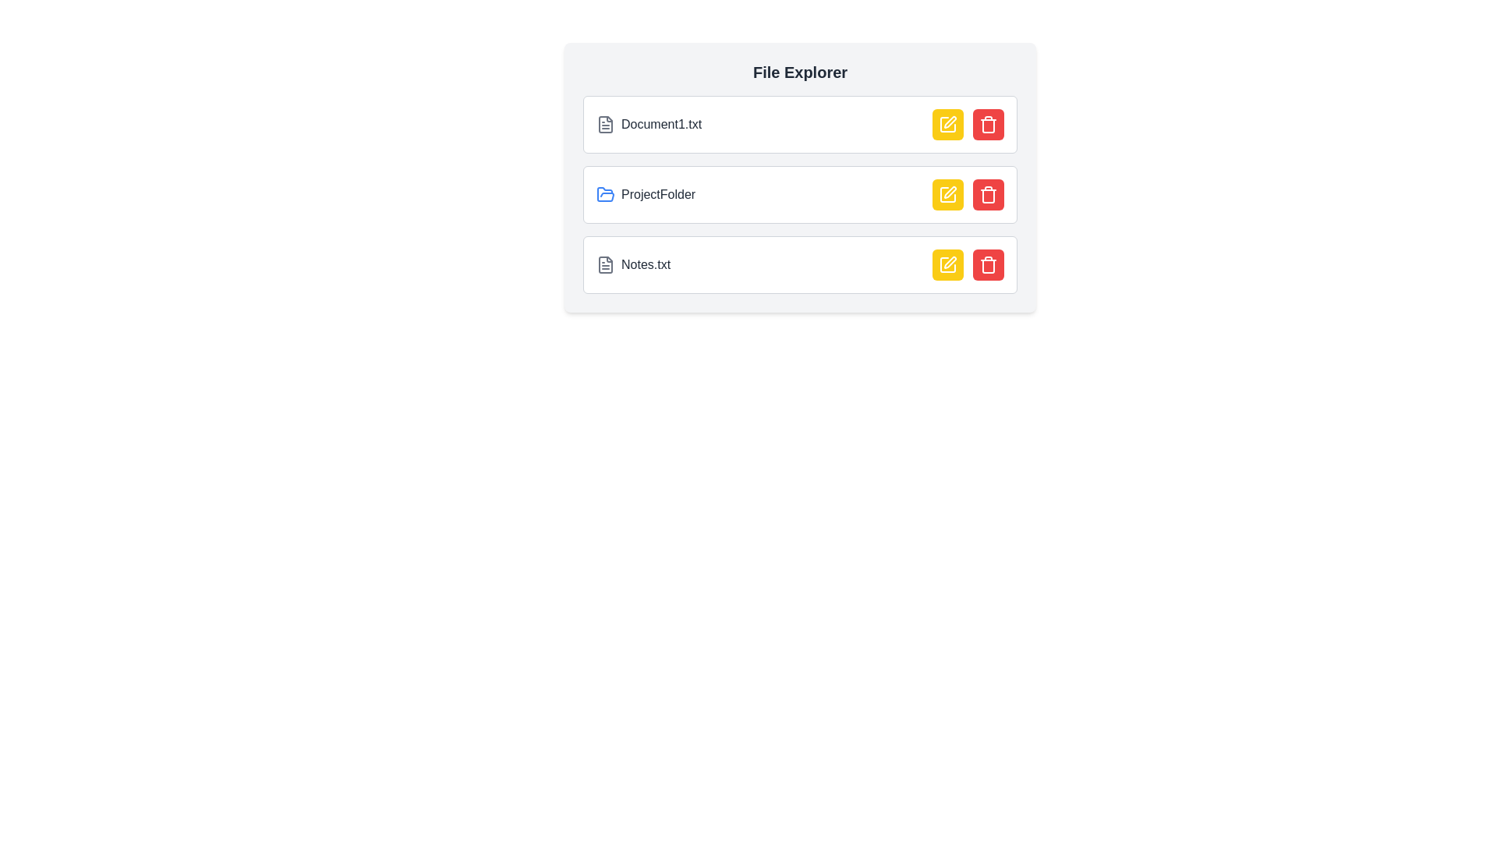 This screenshot has height=842, width=1497. What do you see at coordinates (800, 176) in the screenshot?
I see `the 'ProjectFolder' list item in the File Explorer` at bounding box center [800, 176].